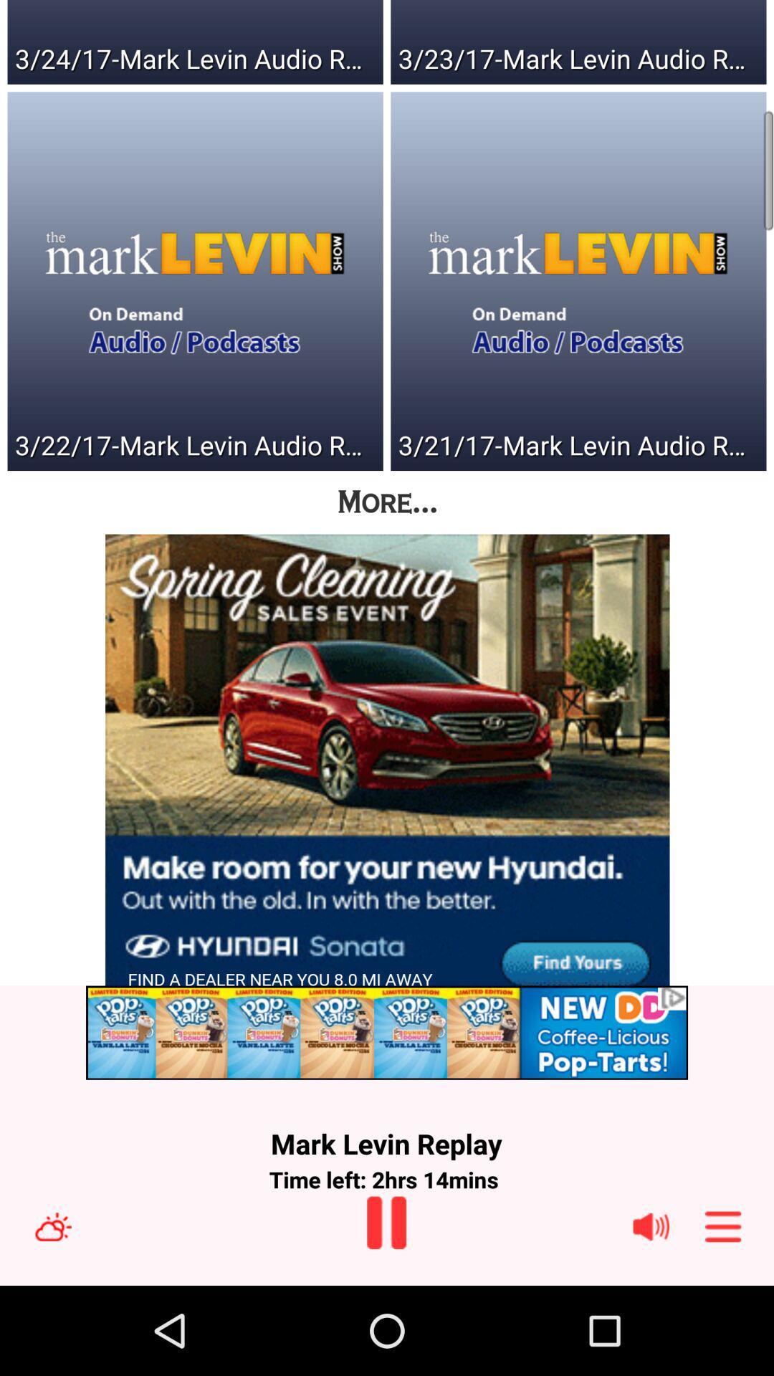  Describe the element at coordinates (723, 1313) in the screenshot. I see `the menu icon` at that location.